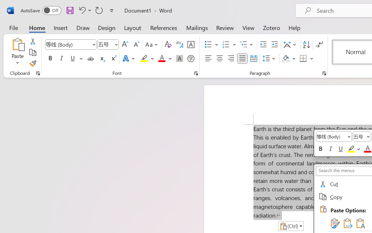 This screenshot has width=372, height=233. I want to click on 'Text Effects and Typography', so click(129, 59).